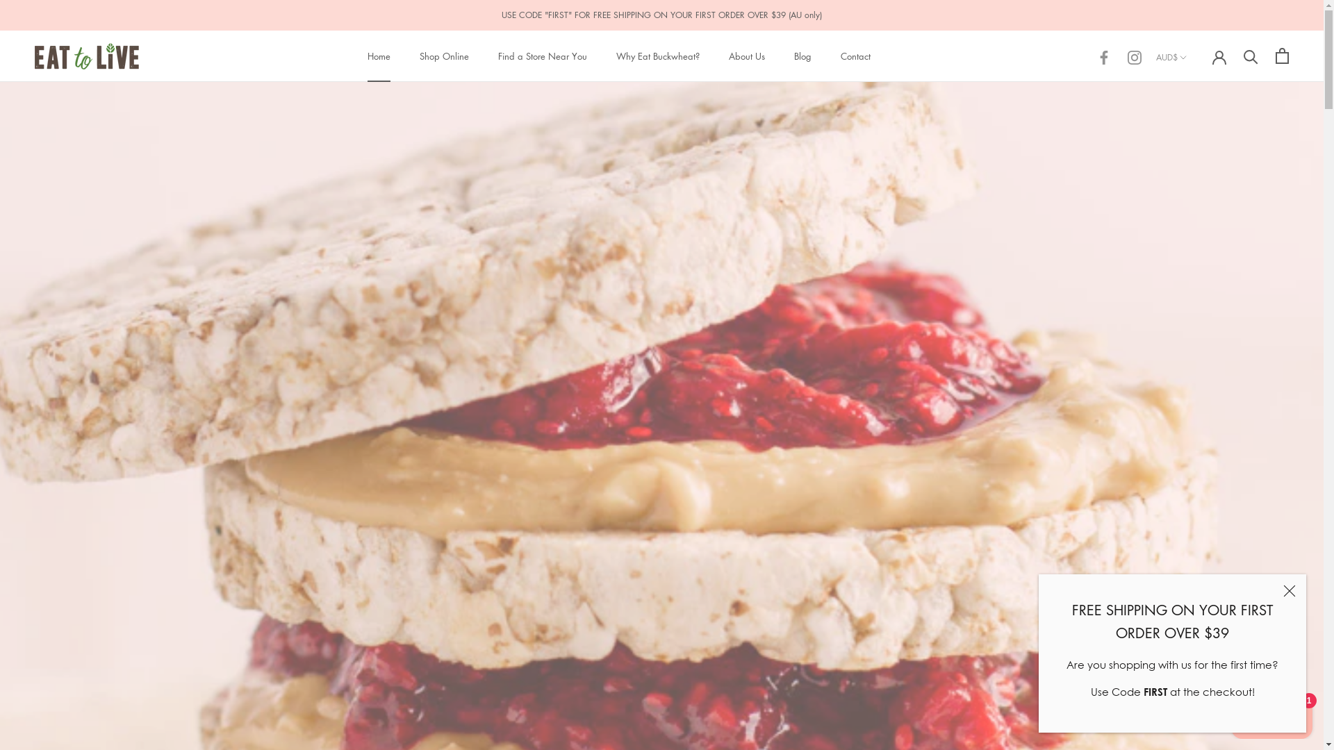 The height and width of the screenshot is (750, 1334). I want to click on 'About Us, so click(727, 55).